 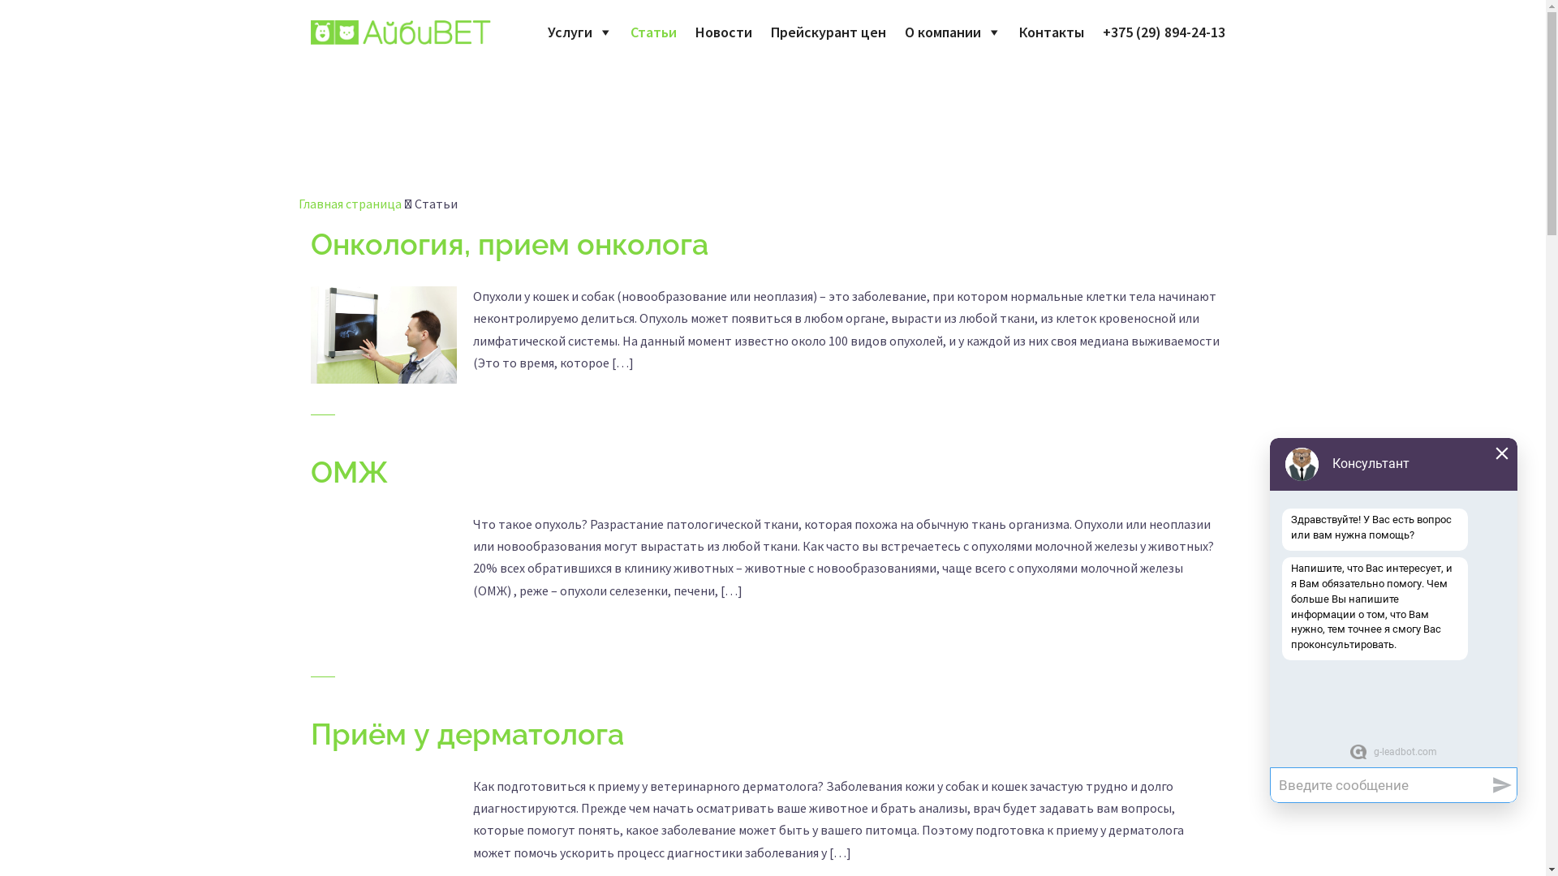 What do you see at coordinates (0, 0) in the screenshot?
I see `'Skip to content'` at bounding box center [0, 0].